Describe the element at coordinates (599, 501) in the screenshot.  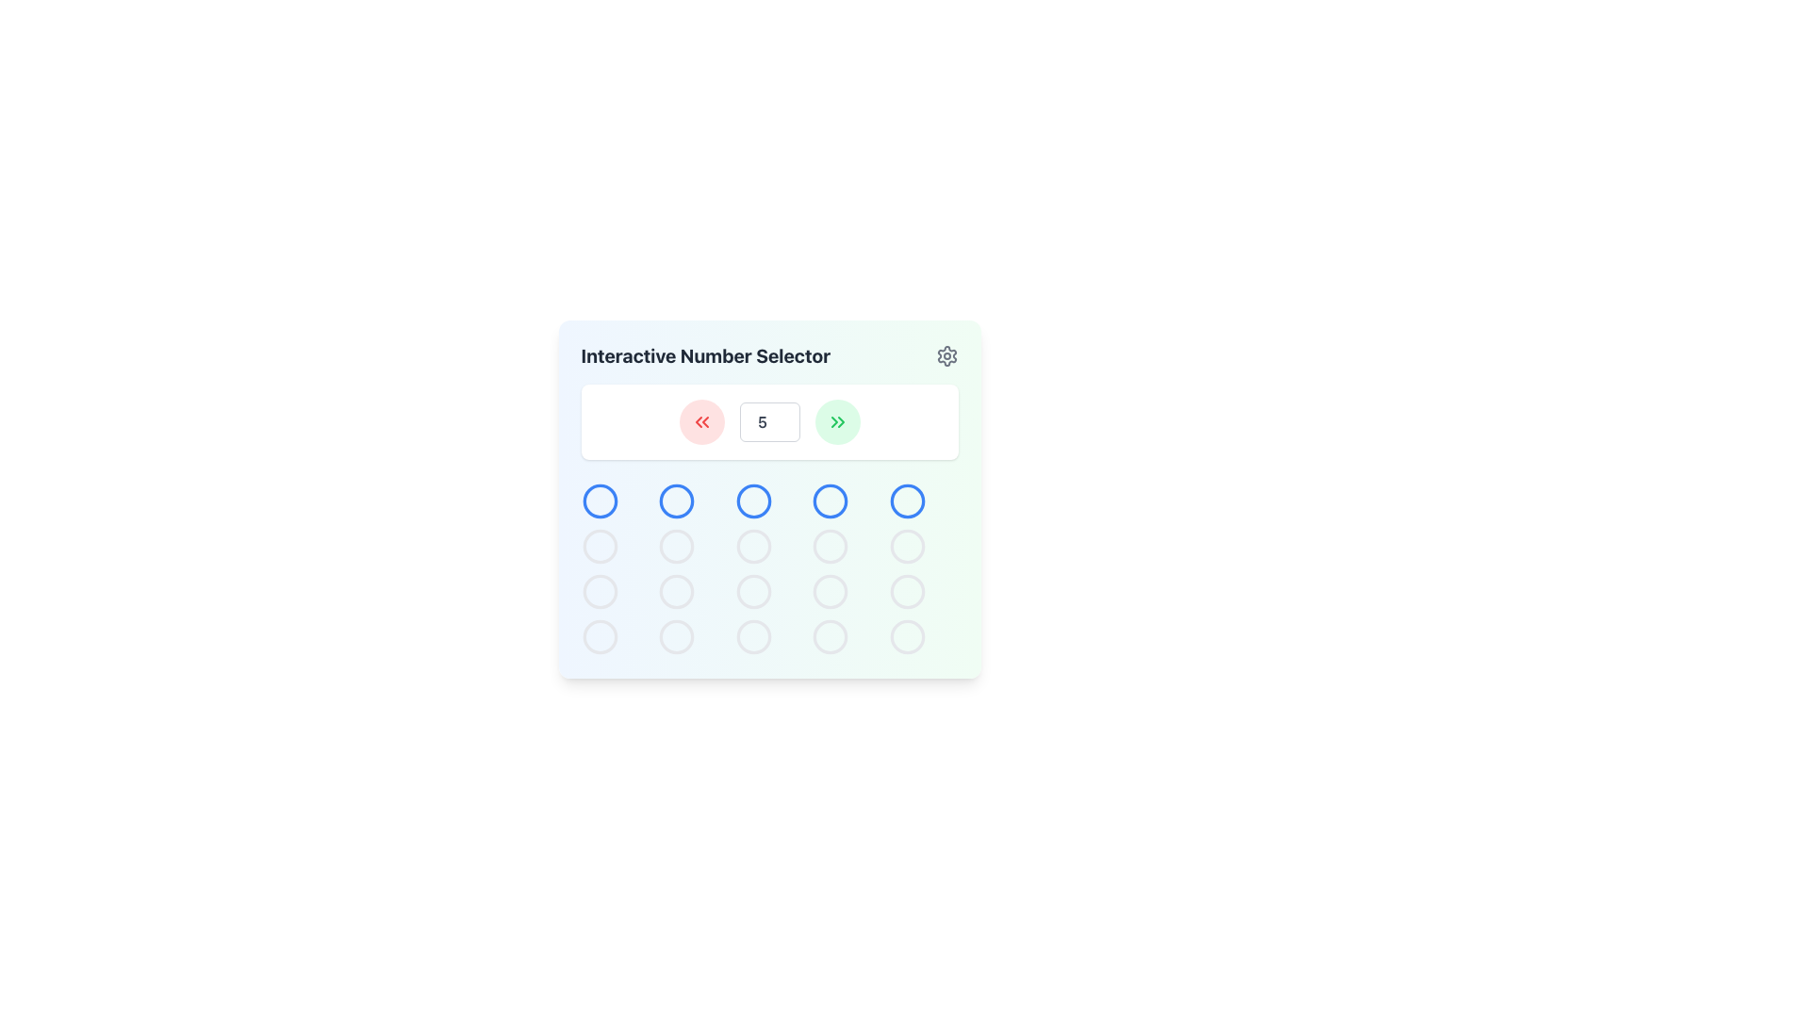
I see `the circular element with a blue outline and white fill located in the first column and first row of the grid below the 'Interactive Number Selector' header` at that location.